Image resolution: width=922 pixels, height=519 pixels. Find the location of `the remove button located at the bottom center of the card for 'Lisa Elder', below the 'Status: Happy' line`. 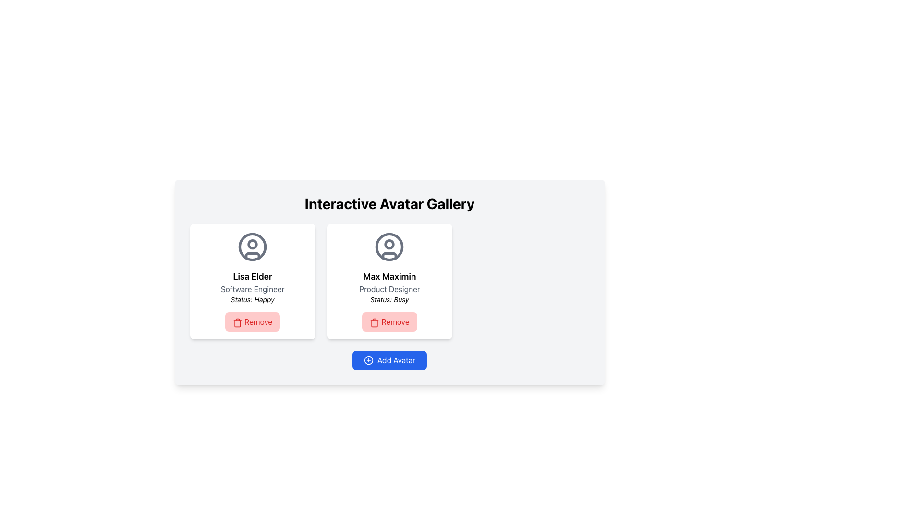

the remove button located at the bottom center of the card for 'Lisa Elder', below the 'Status: Happy' line is located at coordinates (253, 322).